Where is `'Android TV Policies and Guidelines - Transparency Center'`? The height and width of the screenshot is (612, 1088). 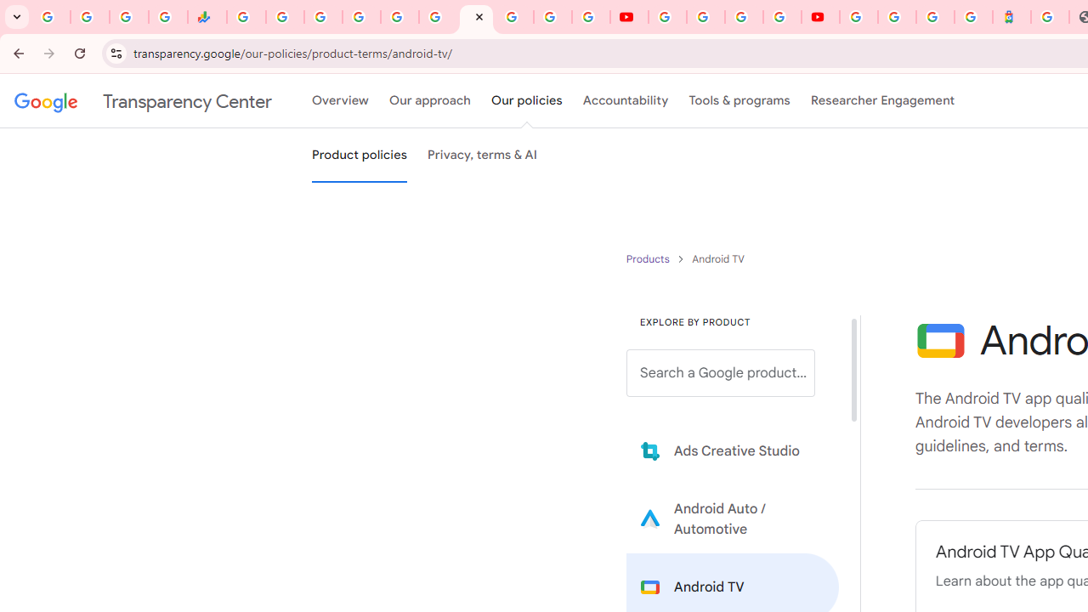 'Android TV Policies and Guidelines - Transparency Center' is located at coordinates (476, 17).